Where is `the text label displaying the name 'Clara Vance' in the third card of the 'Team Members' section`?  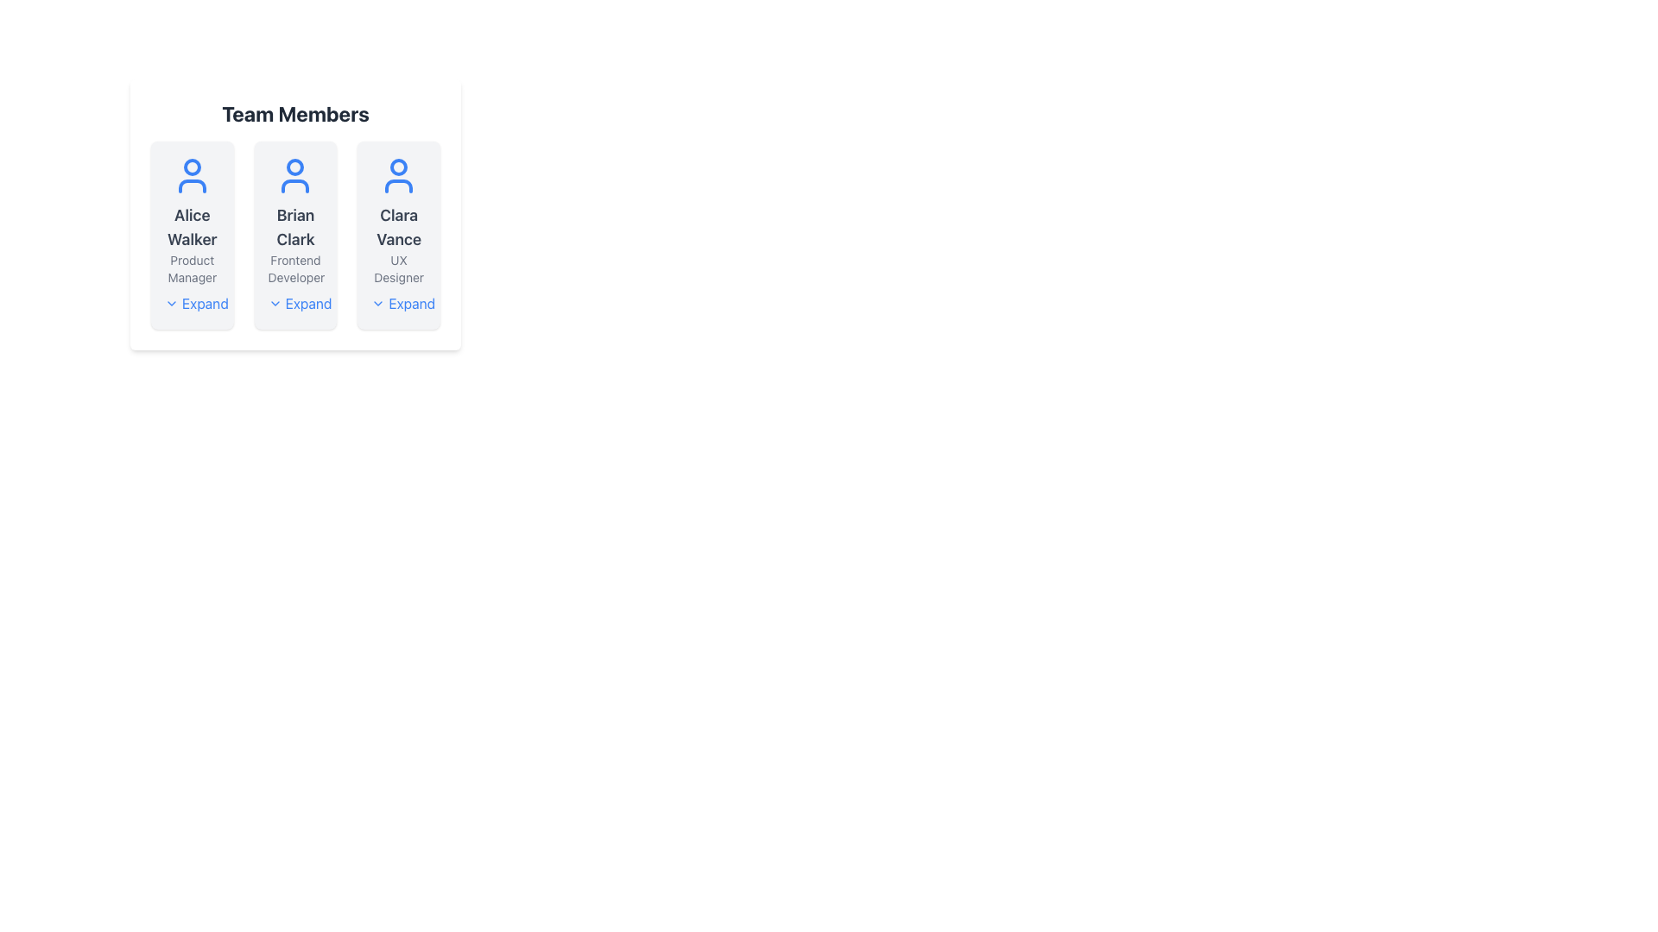
the text label displaying the name 'Clara Vance' in the third card of the 'Team Members' section is located at coordinates (398, 226).